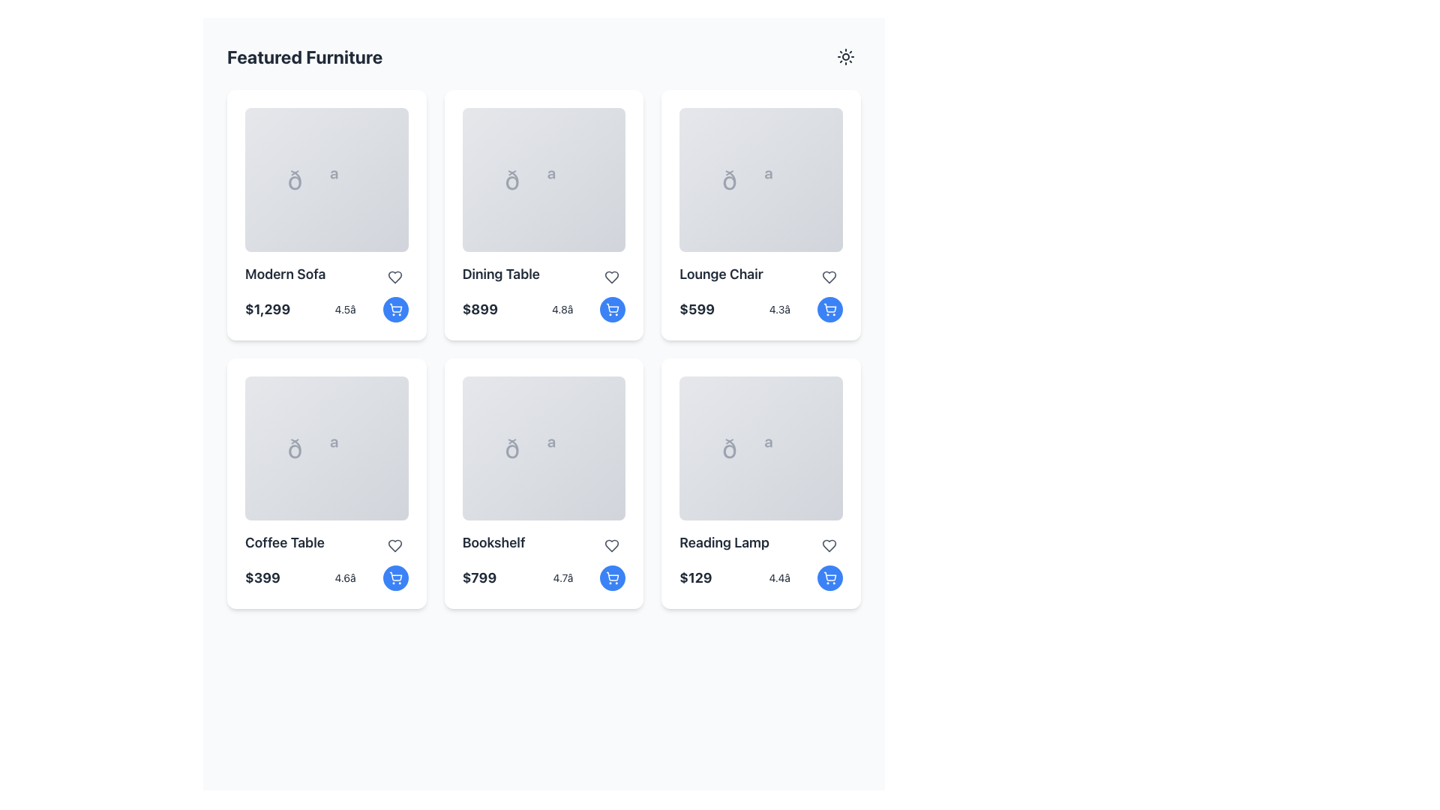  What do you see at coordinates (612, 546) in the screenshot?
I see `the heart-shaped icon in the 'Bookshelf' product card of the 'Featured Furniture' grid, which is gray and outlined, positioned to the right of the product pricing and below its title` at bounding box center [612, 546].